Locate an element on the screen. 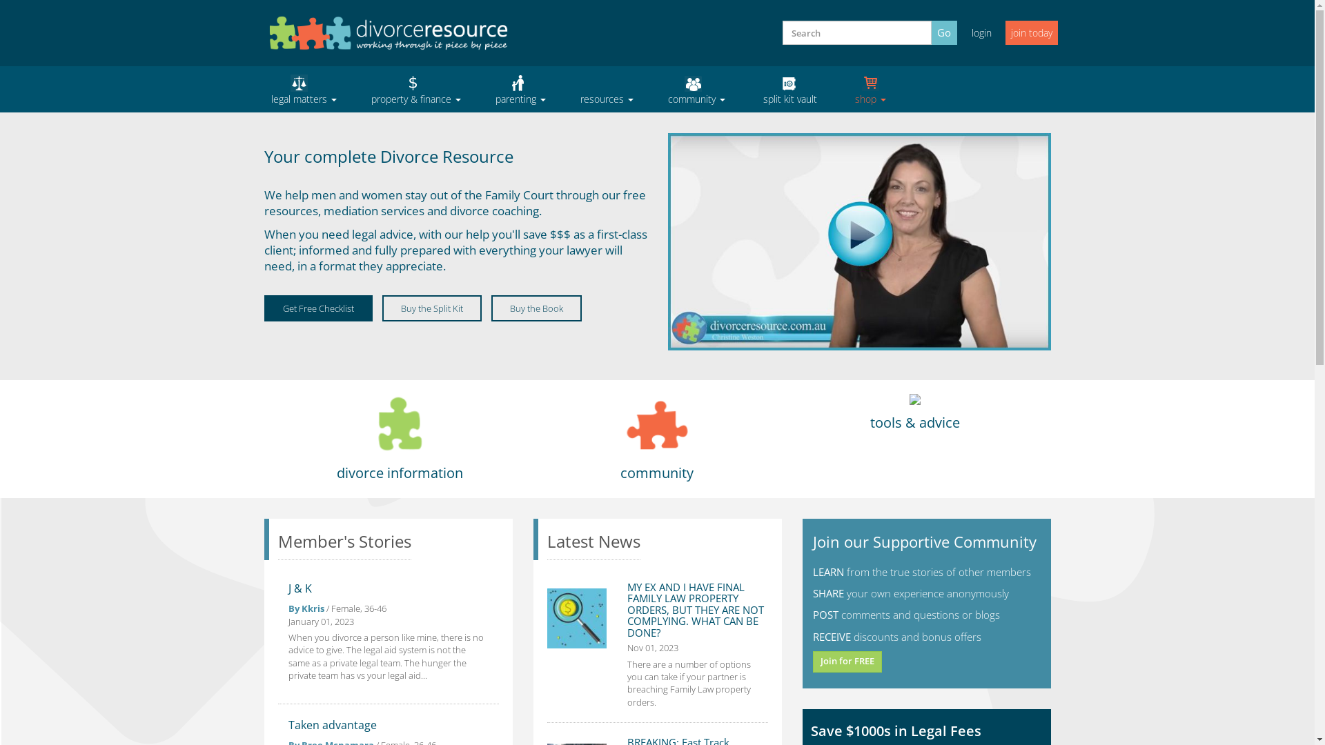 This screenshot has width=1325, height=745. 'Search' is located at coordinates (788, 49).